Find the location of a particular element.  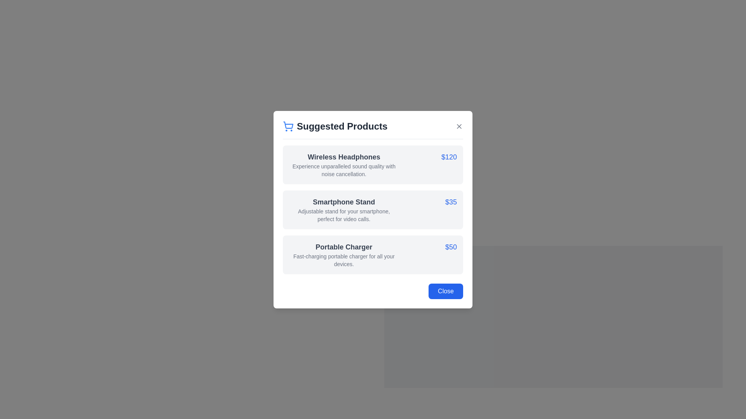

the blue shopping cart icon located to the left of the 'Suggested Products' title in the top-left section of the modal is located at coordinates (288, 126).